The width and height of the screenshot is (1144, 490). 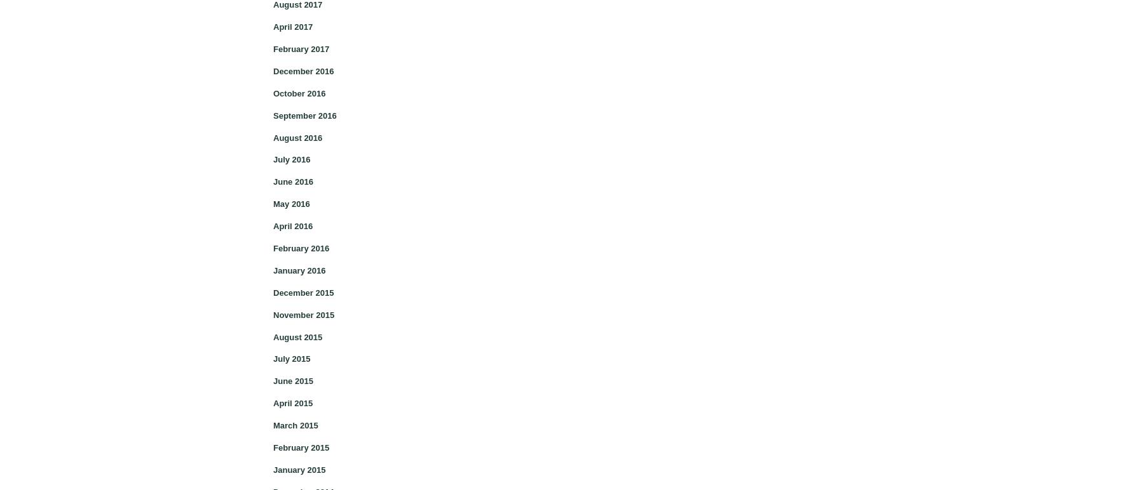 What do you see at coordinates (299, 269) in the screenshot?
I see `'January 2016'` at bounding box center [299, 269].